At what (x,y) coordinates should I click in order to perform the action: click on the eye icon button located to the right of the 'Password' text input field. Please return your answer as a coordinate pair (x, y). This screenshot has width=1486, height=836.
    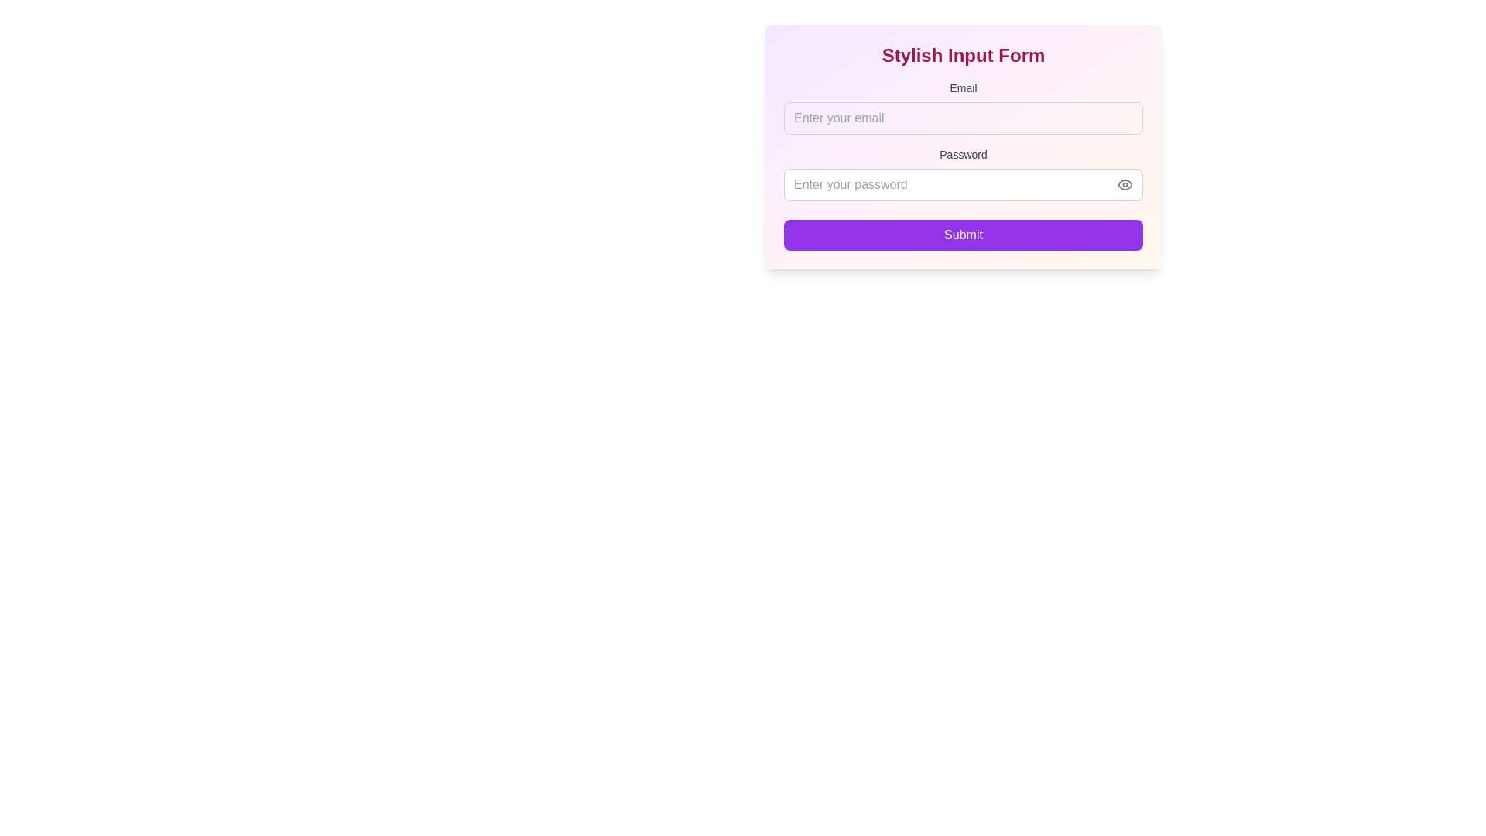
    Looking at the image, I should click on (1125, 184).